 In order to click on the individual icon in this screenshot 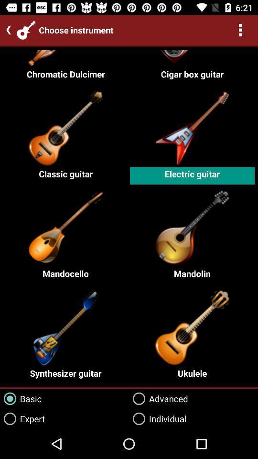, I will do `click(158, 418)`.